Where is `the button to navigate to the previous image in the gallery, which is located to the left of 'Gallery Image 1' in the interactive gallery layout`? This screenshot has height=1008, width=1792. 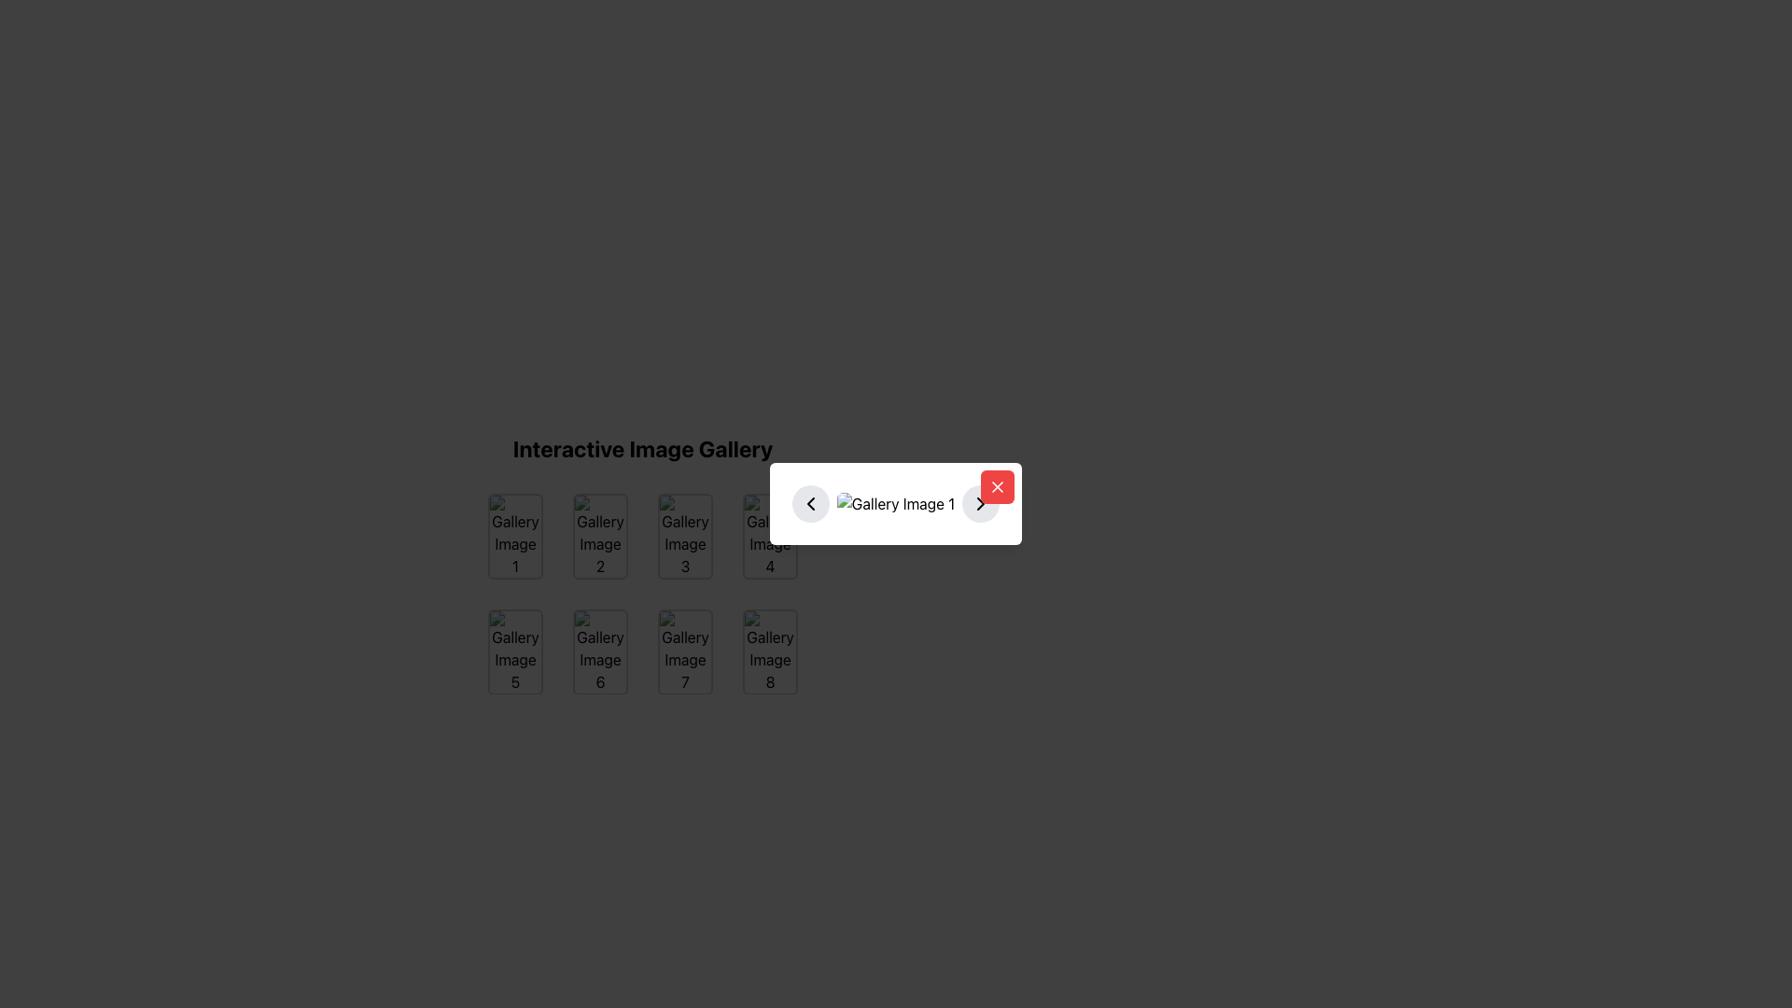
the button to navigate to the previous image in the gallery, which is located to the left of 'Gallery Image 1' in the interactive gallery layout is located at coordinates (810, 504).